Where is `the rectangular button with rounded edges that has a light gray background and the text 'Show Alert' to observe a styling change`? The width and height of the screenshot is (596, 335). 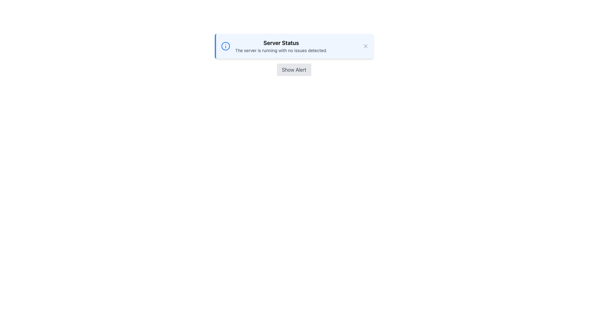 the rectangular button with rounded edges that has a light gray background and the text 'Show Alert' to observe a styling change is located at coordinates (294, 69).